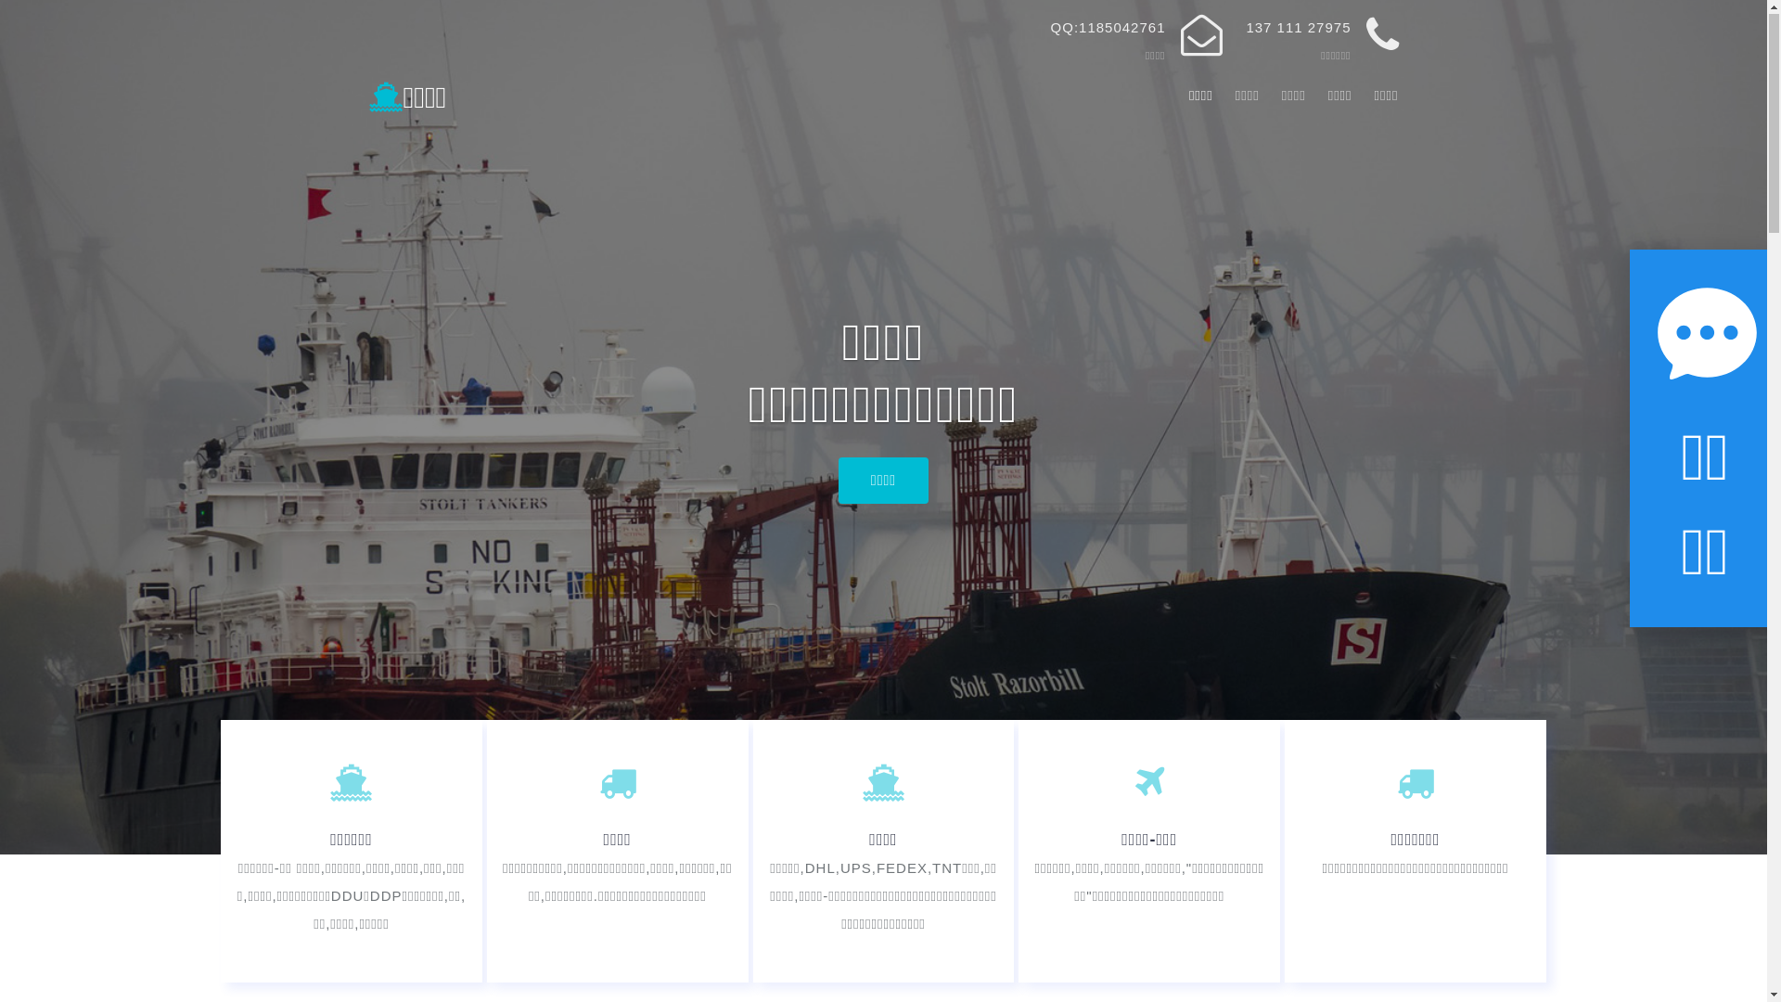  What do you see at coordinates (1108, 28) in the screenshot?
I see `'QQ:1185042761'` at bounding box center [1108, 28].